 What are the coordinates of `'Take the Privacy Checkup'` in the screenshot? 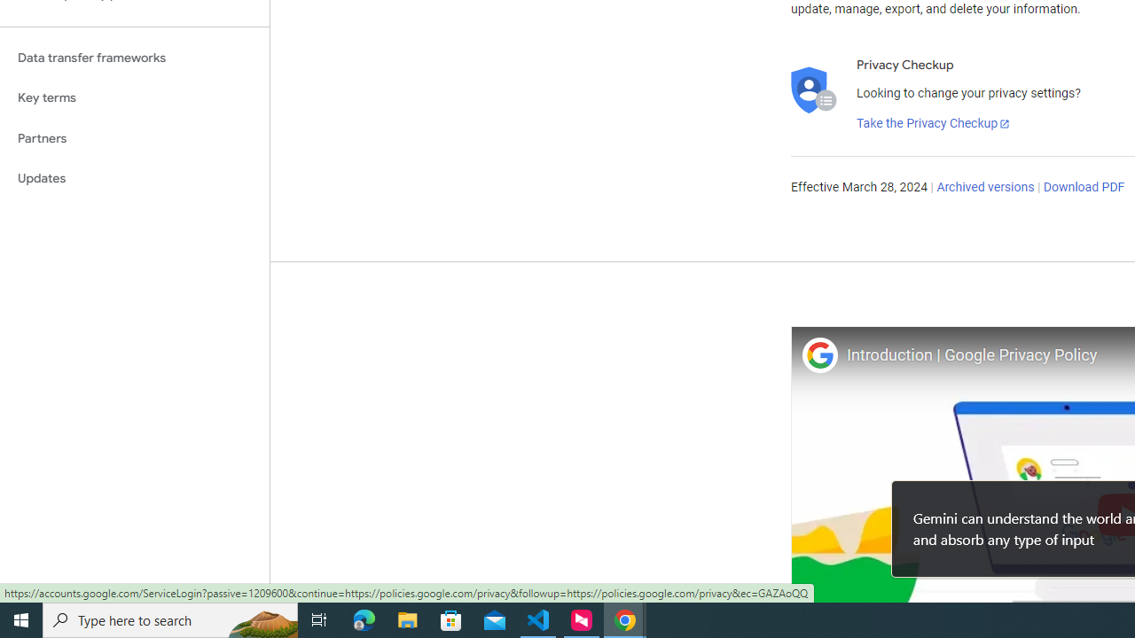 It's located at (933, 123).